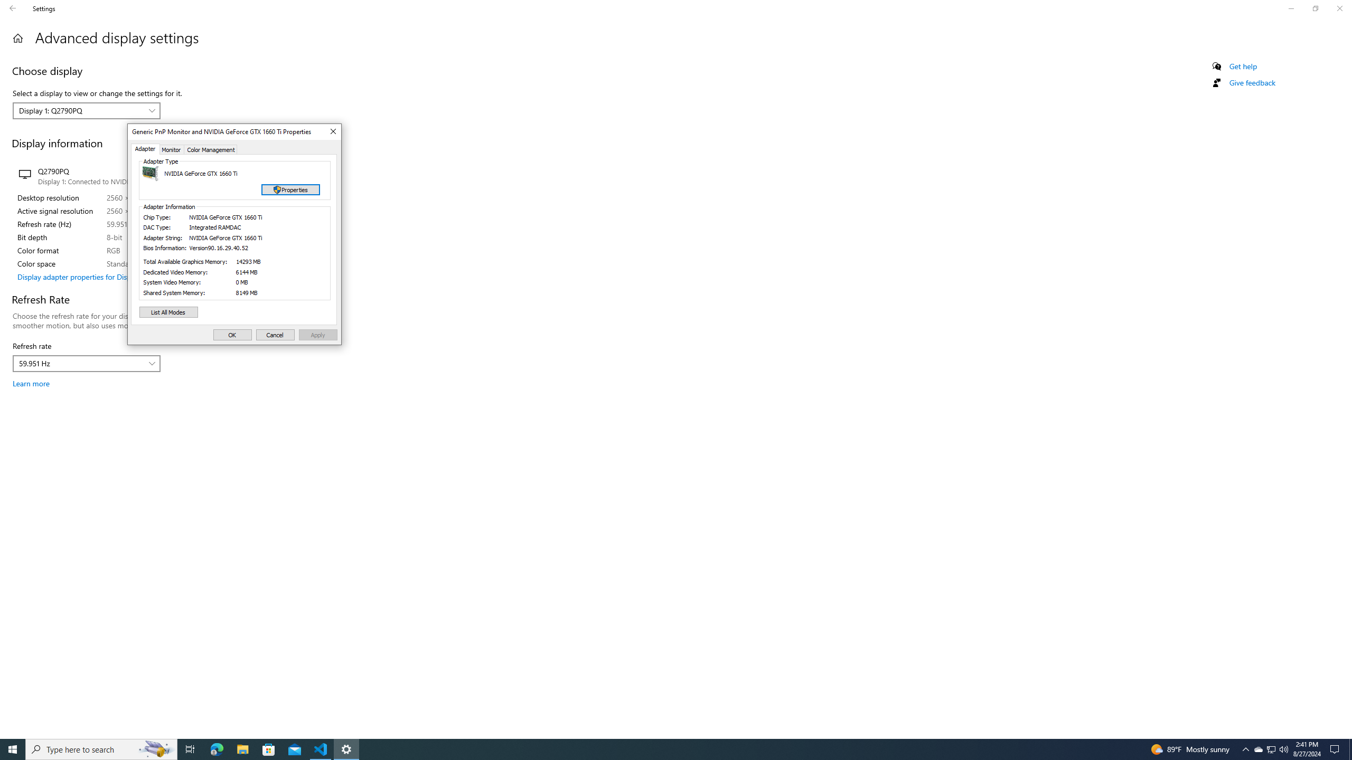 The height and width of the screenshot is (760, 1352). I want to click on 'Adapter', so click(146, 149).